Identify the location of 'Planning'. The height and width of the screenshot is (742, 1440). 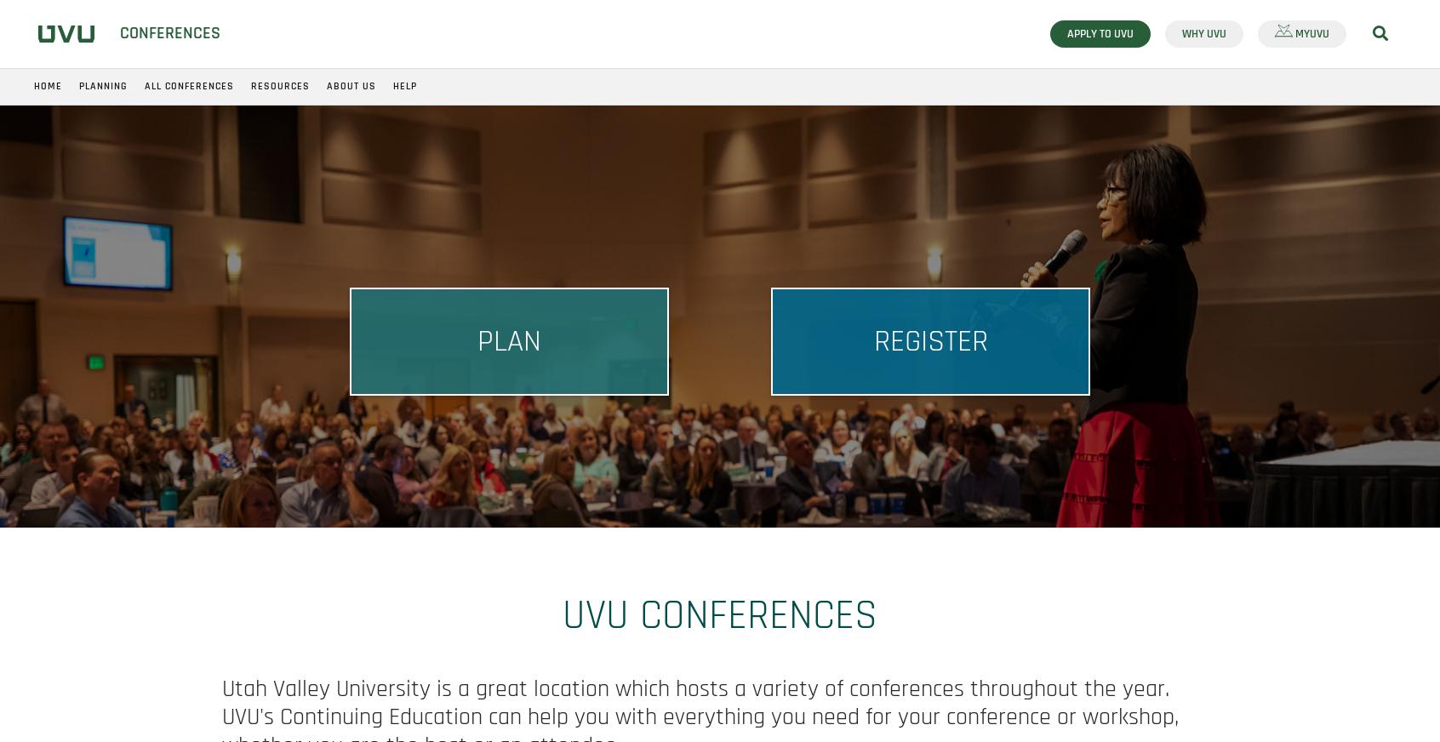
(103, 85).